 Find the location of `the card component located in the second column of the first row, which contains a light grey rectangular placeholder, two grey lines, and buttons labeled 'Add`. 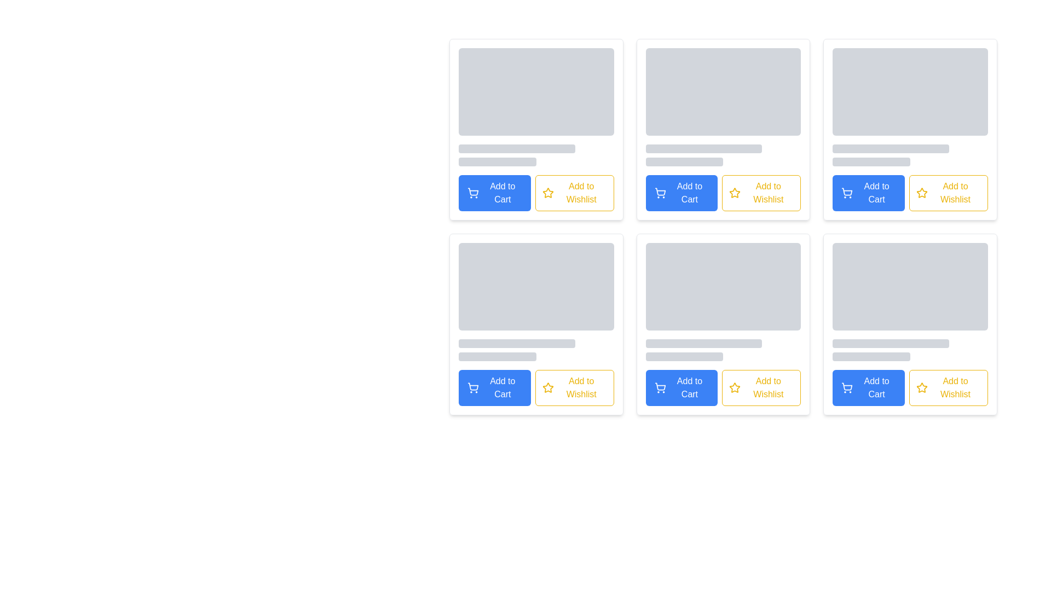

the card component located in the second column of the first row, which contains a light grey rectangular placeholder, two grey lines, and buttons labeled 'Add is located at coordinates (723, 129).